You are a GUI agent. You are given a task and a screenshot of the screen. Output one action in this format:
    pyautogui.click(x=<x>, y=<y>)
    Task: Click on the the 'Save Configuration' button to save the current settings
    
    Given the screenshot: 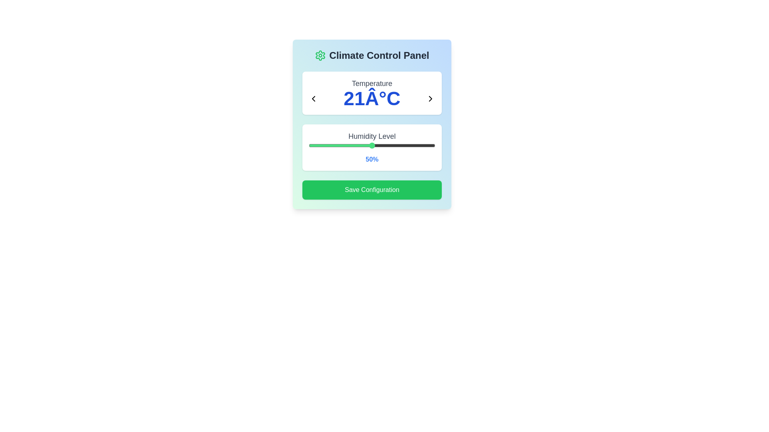 What is the action you would take?
    pyautogui.click(x=372, y=190)
    